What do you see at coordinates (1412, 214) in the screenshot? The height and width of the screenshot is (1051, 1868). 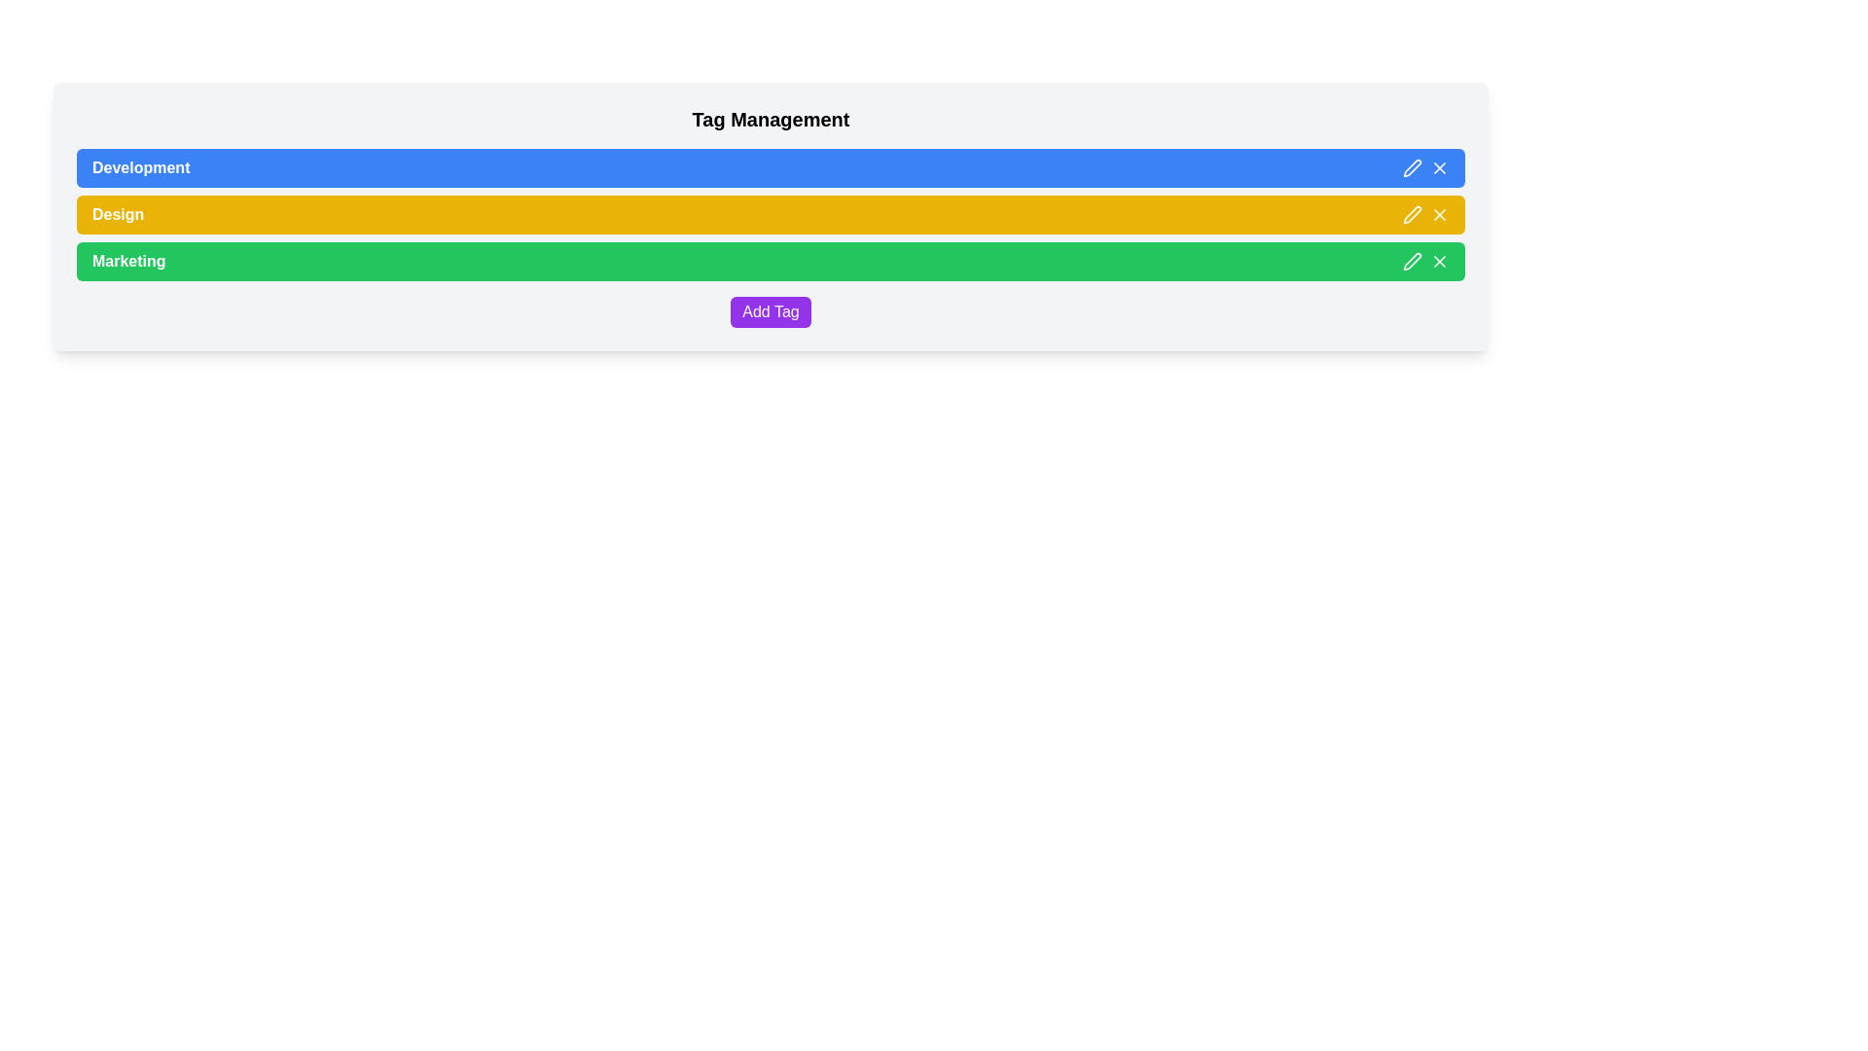 I see `the pen icon located in the second row labeled 'Design' to initiate editing of the associated tag` at bounding box center [1412, 214].